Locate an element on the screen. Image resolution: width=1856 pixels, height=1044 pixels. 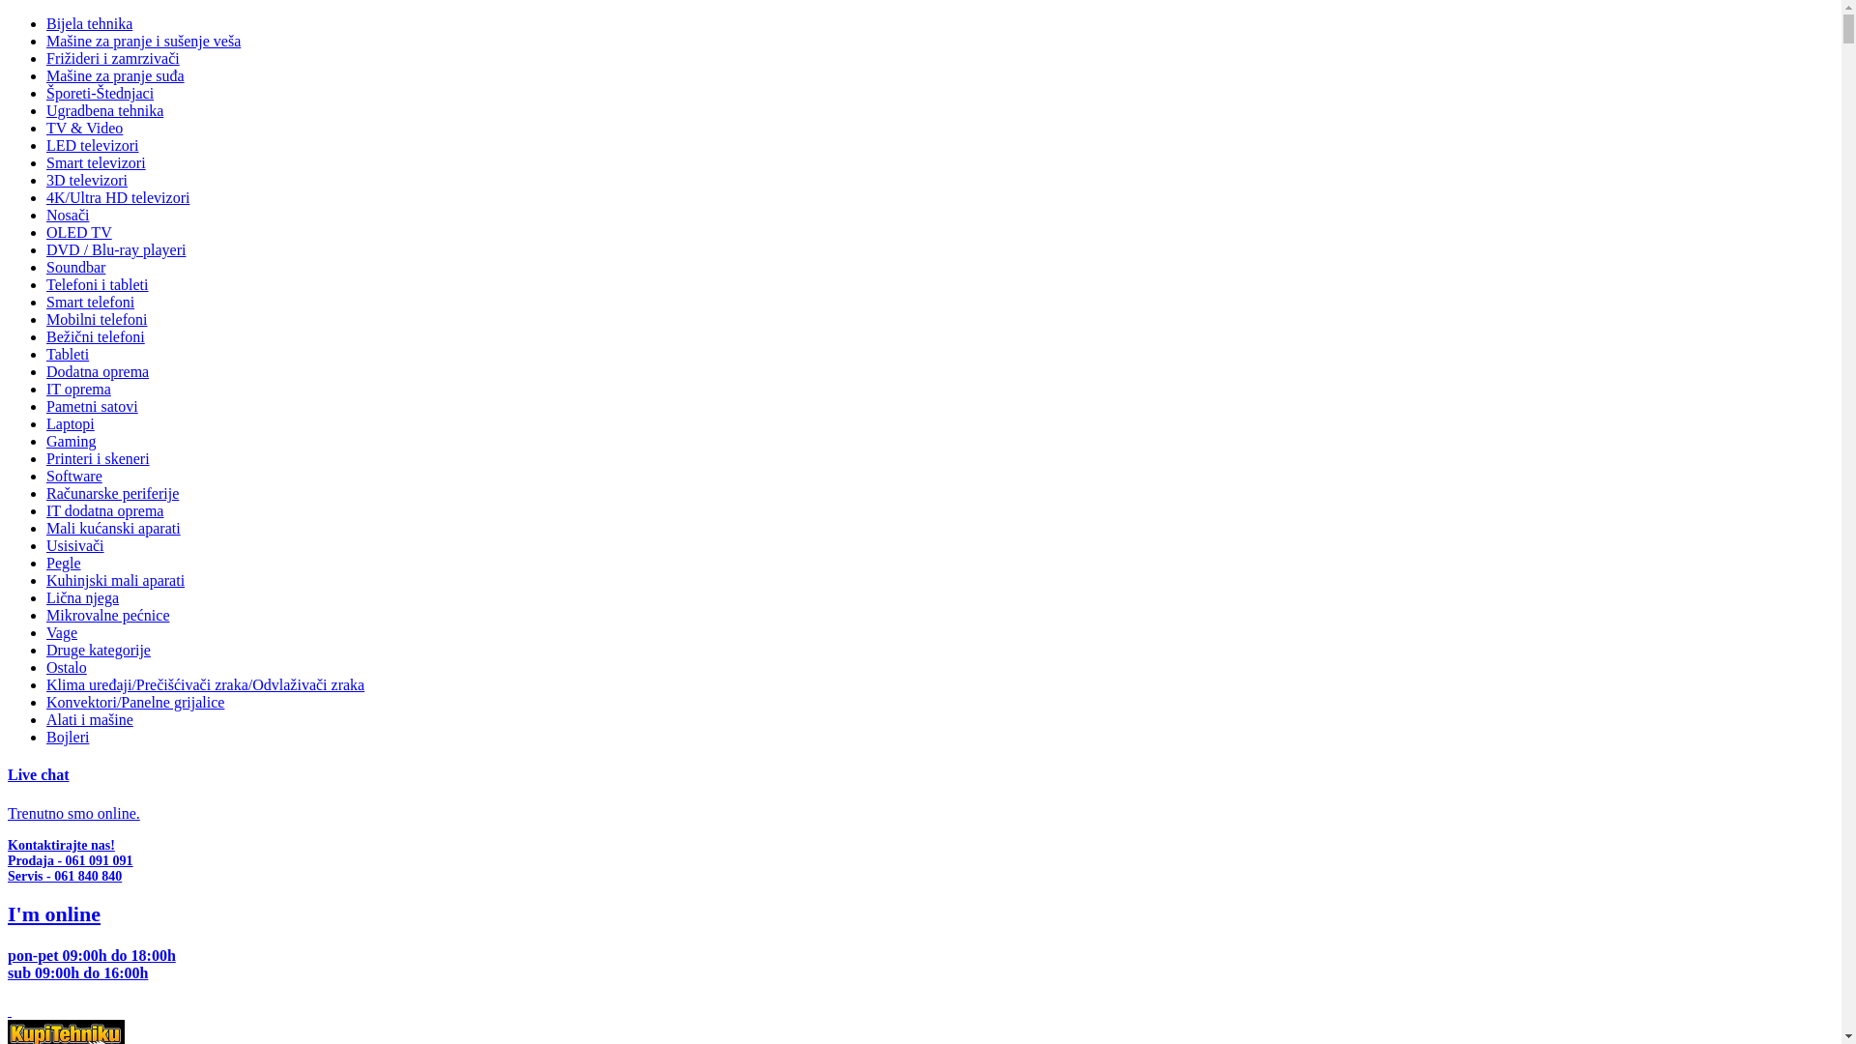
'Dodatna oprema' is located at coordinates (46, 371).